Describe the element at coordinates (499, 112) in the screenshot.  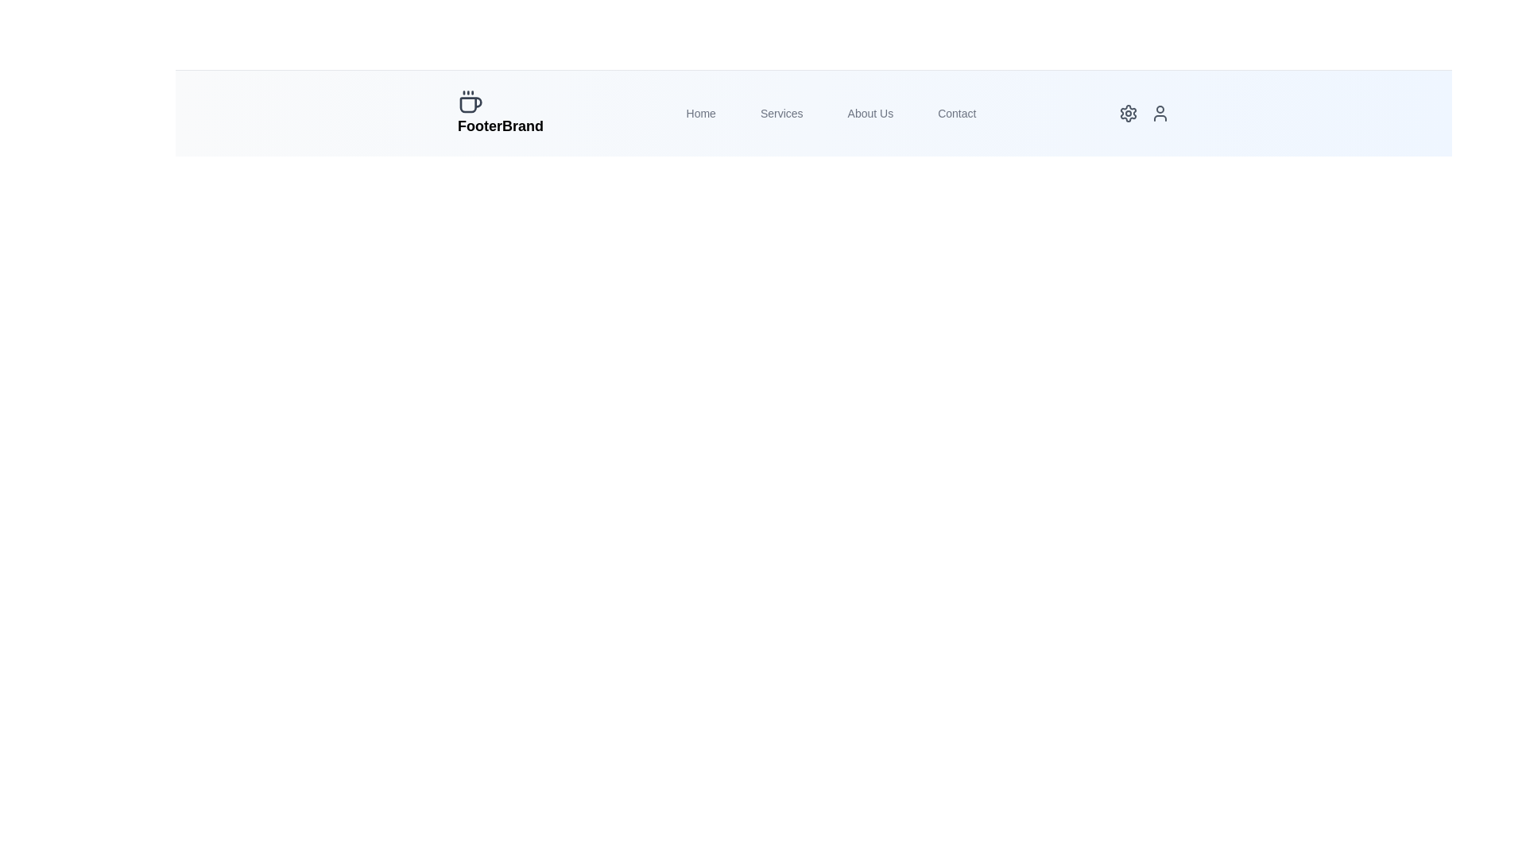
I see `the 'FooterBrand' logo with the coffee cup icon on the leftmost side of the header to redirect to the homepage` at that location.